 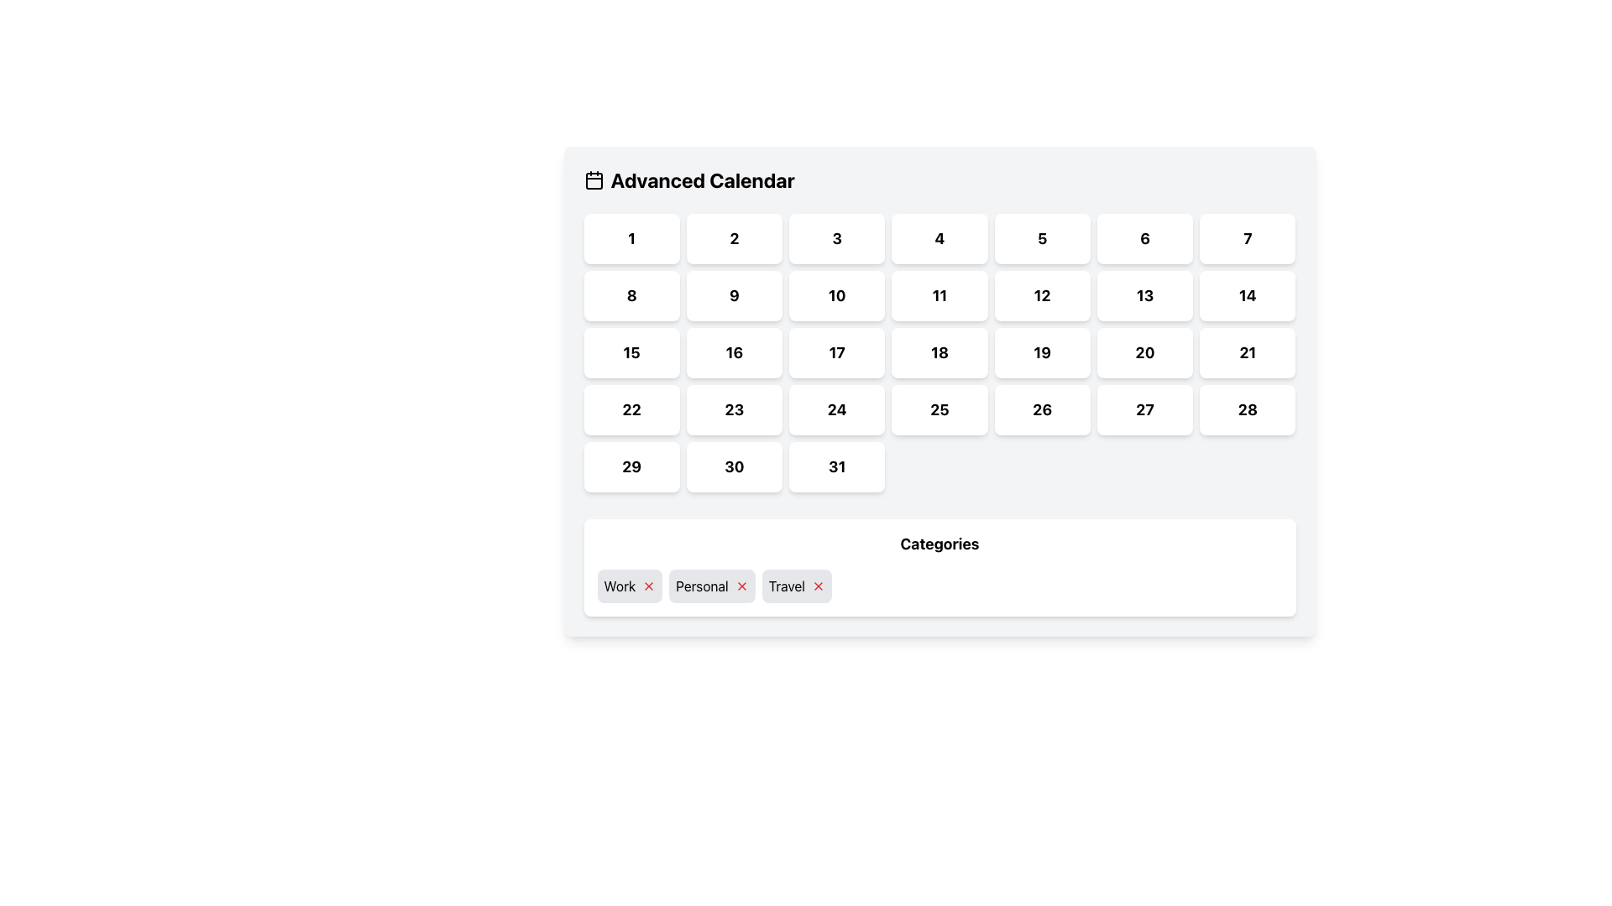 What do you see at coordinates (1144, 409) in the screenshot?
I see `the text display showing the 27th day of the month within the twelfth button of the calendar interface` at bounding box center [1144, 409].